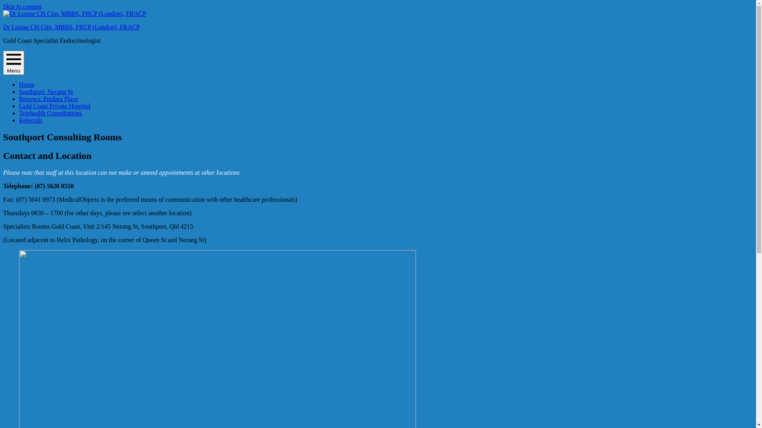  I want to click on 'Referrals', so click(31, 120).